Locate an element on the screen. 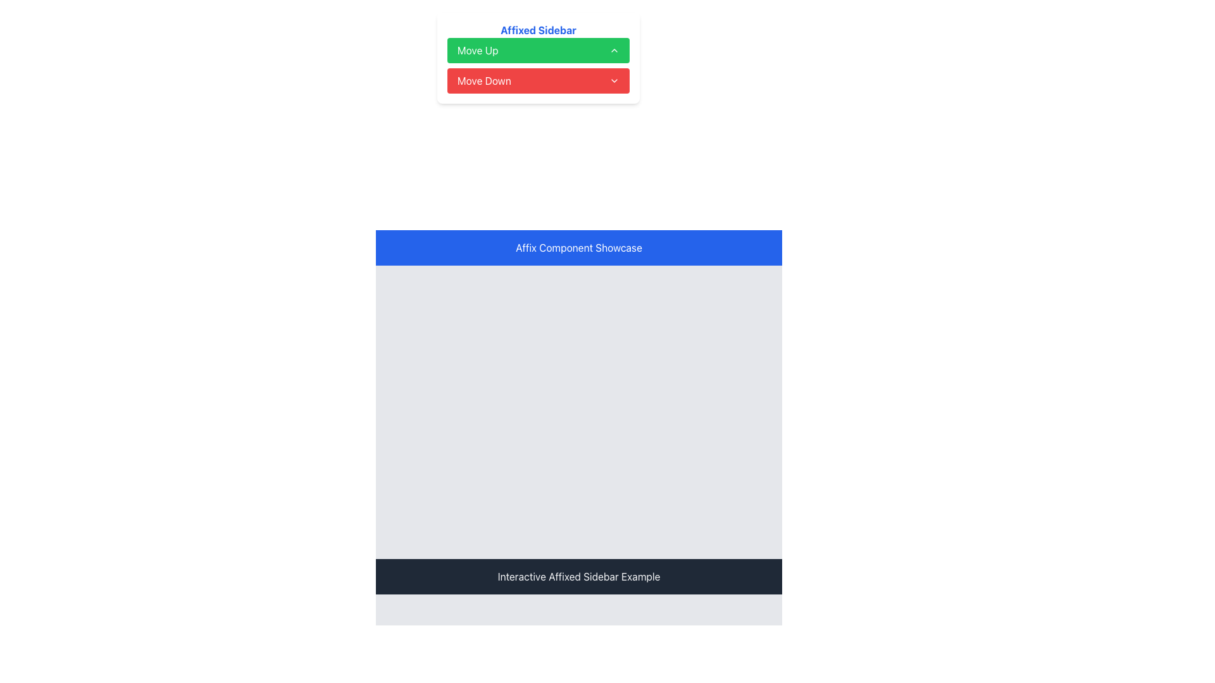 The width and height of the screenshot is (1215, 683). the small downward-pointing chevron icon located at the far-right of the red 'Move Down' button is located at coordinates (614, 80).